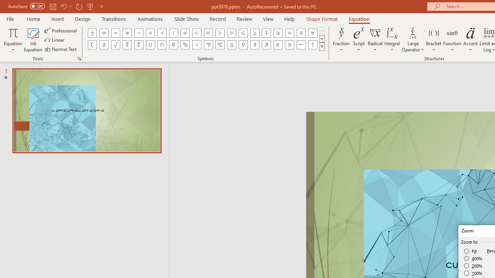 Image resolution: width=495 pixels, height=278 pixels. What do you see at coordinates (243, 44) in the screenshot?
I see `'Equation Symbol Nabla'` at bounding box center [243, 44].